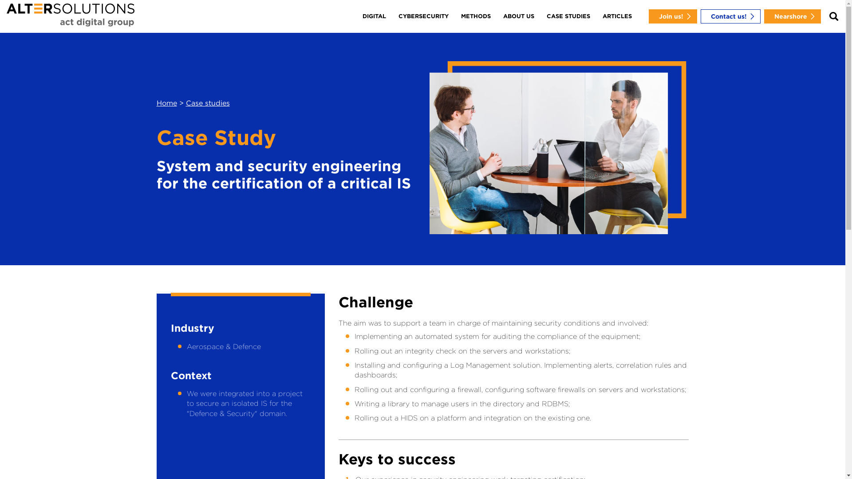 The width and height of the screenshot is (852, 479). I want to click on 'METHODS', so click(475, 16).